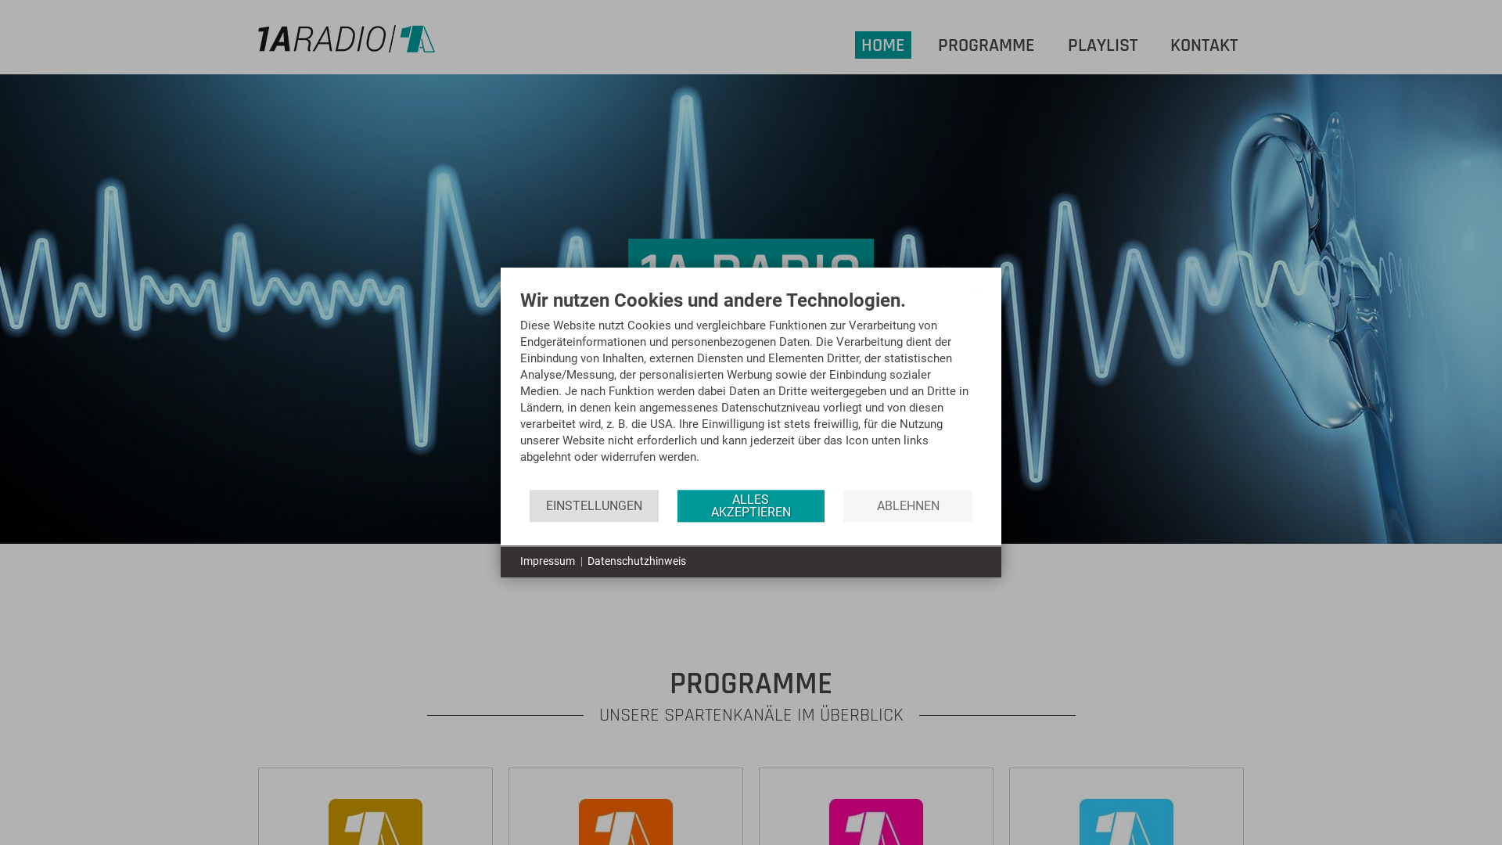 The height and width of the screenshot is (845, 1502). I want to click on 'HOME', so click(860, 44).